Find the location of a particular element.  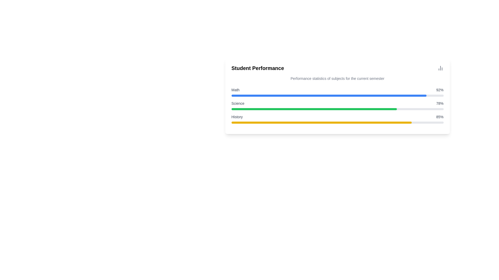

the Performance progress block element showing 'History' with an 85% completion is located at coordinates (337, 119).